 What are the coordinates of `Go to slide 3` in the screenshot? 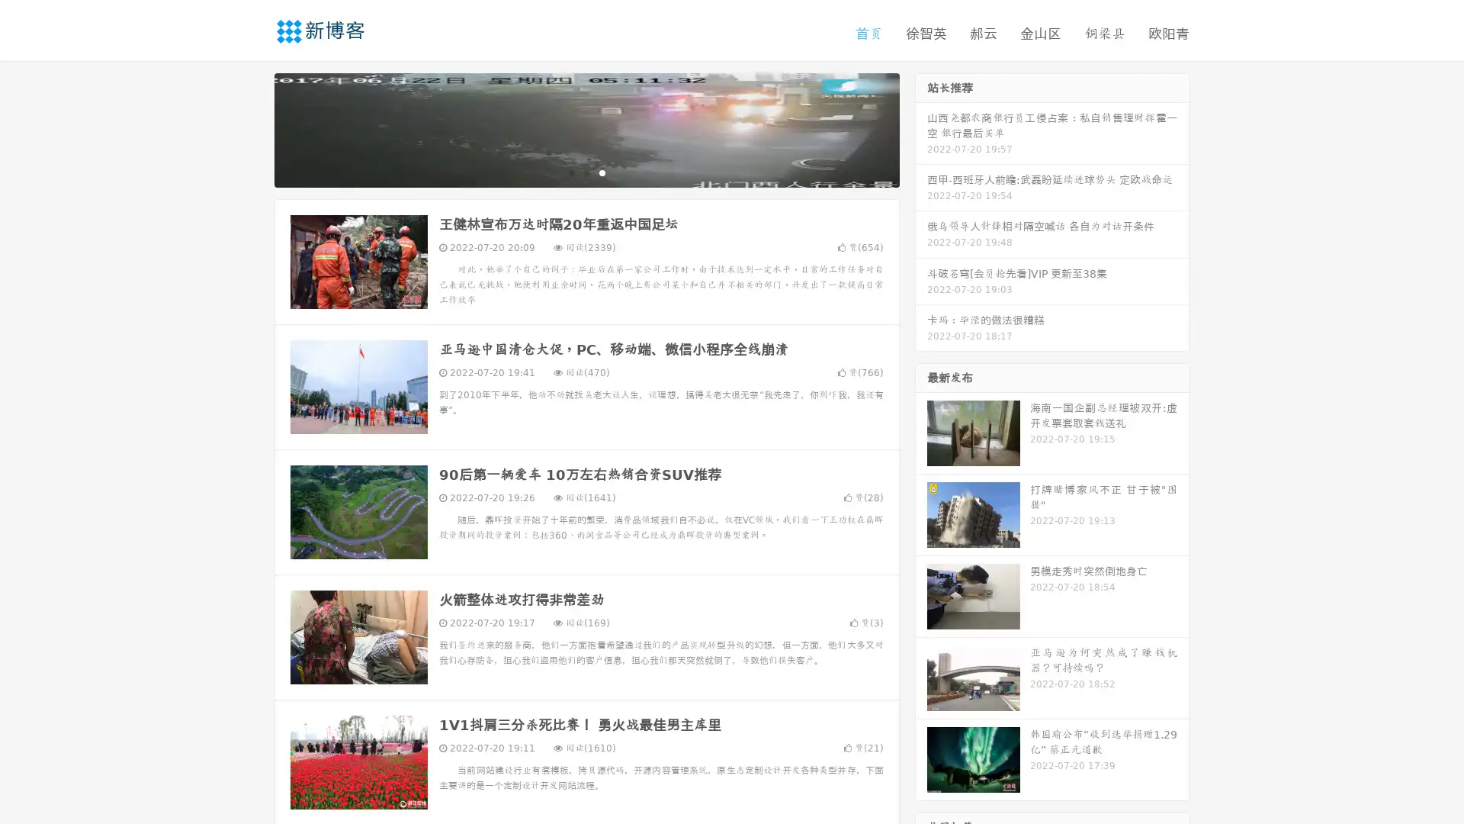 It's located at (602, 172).